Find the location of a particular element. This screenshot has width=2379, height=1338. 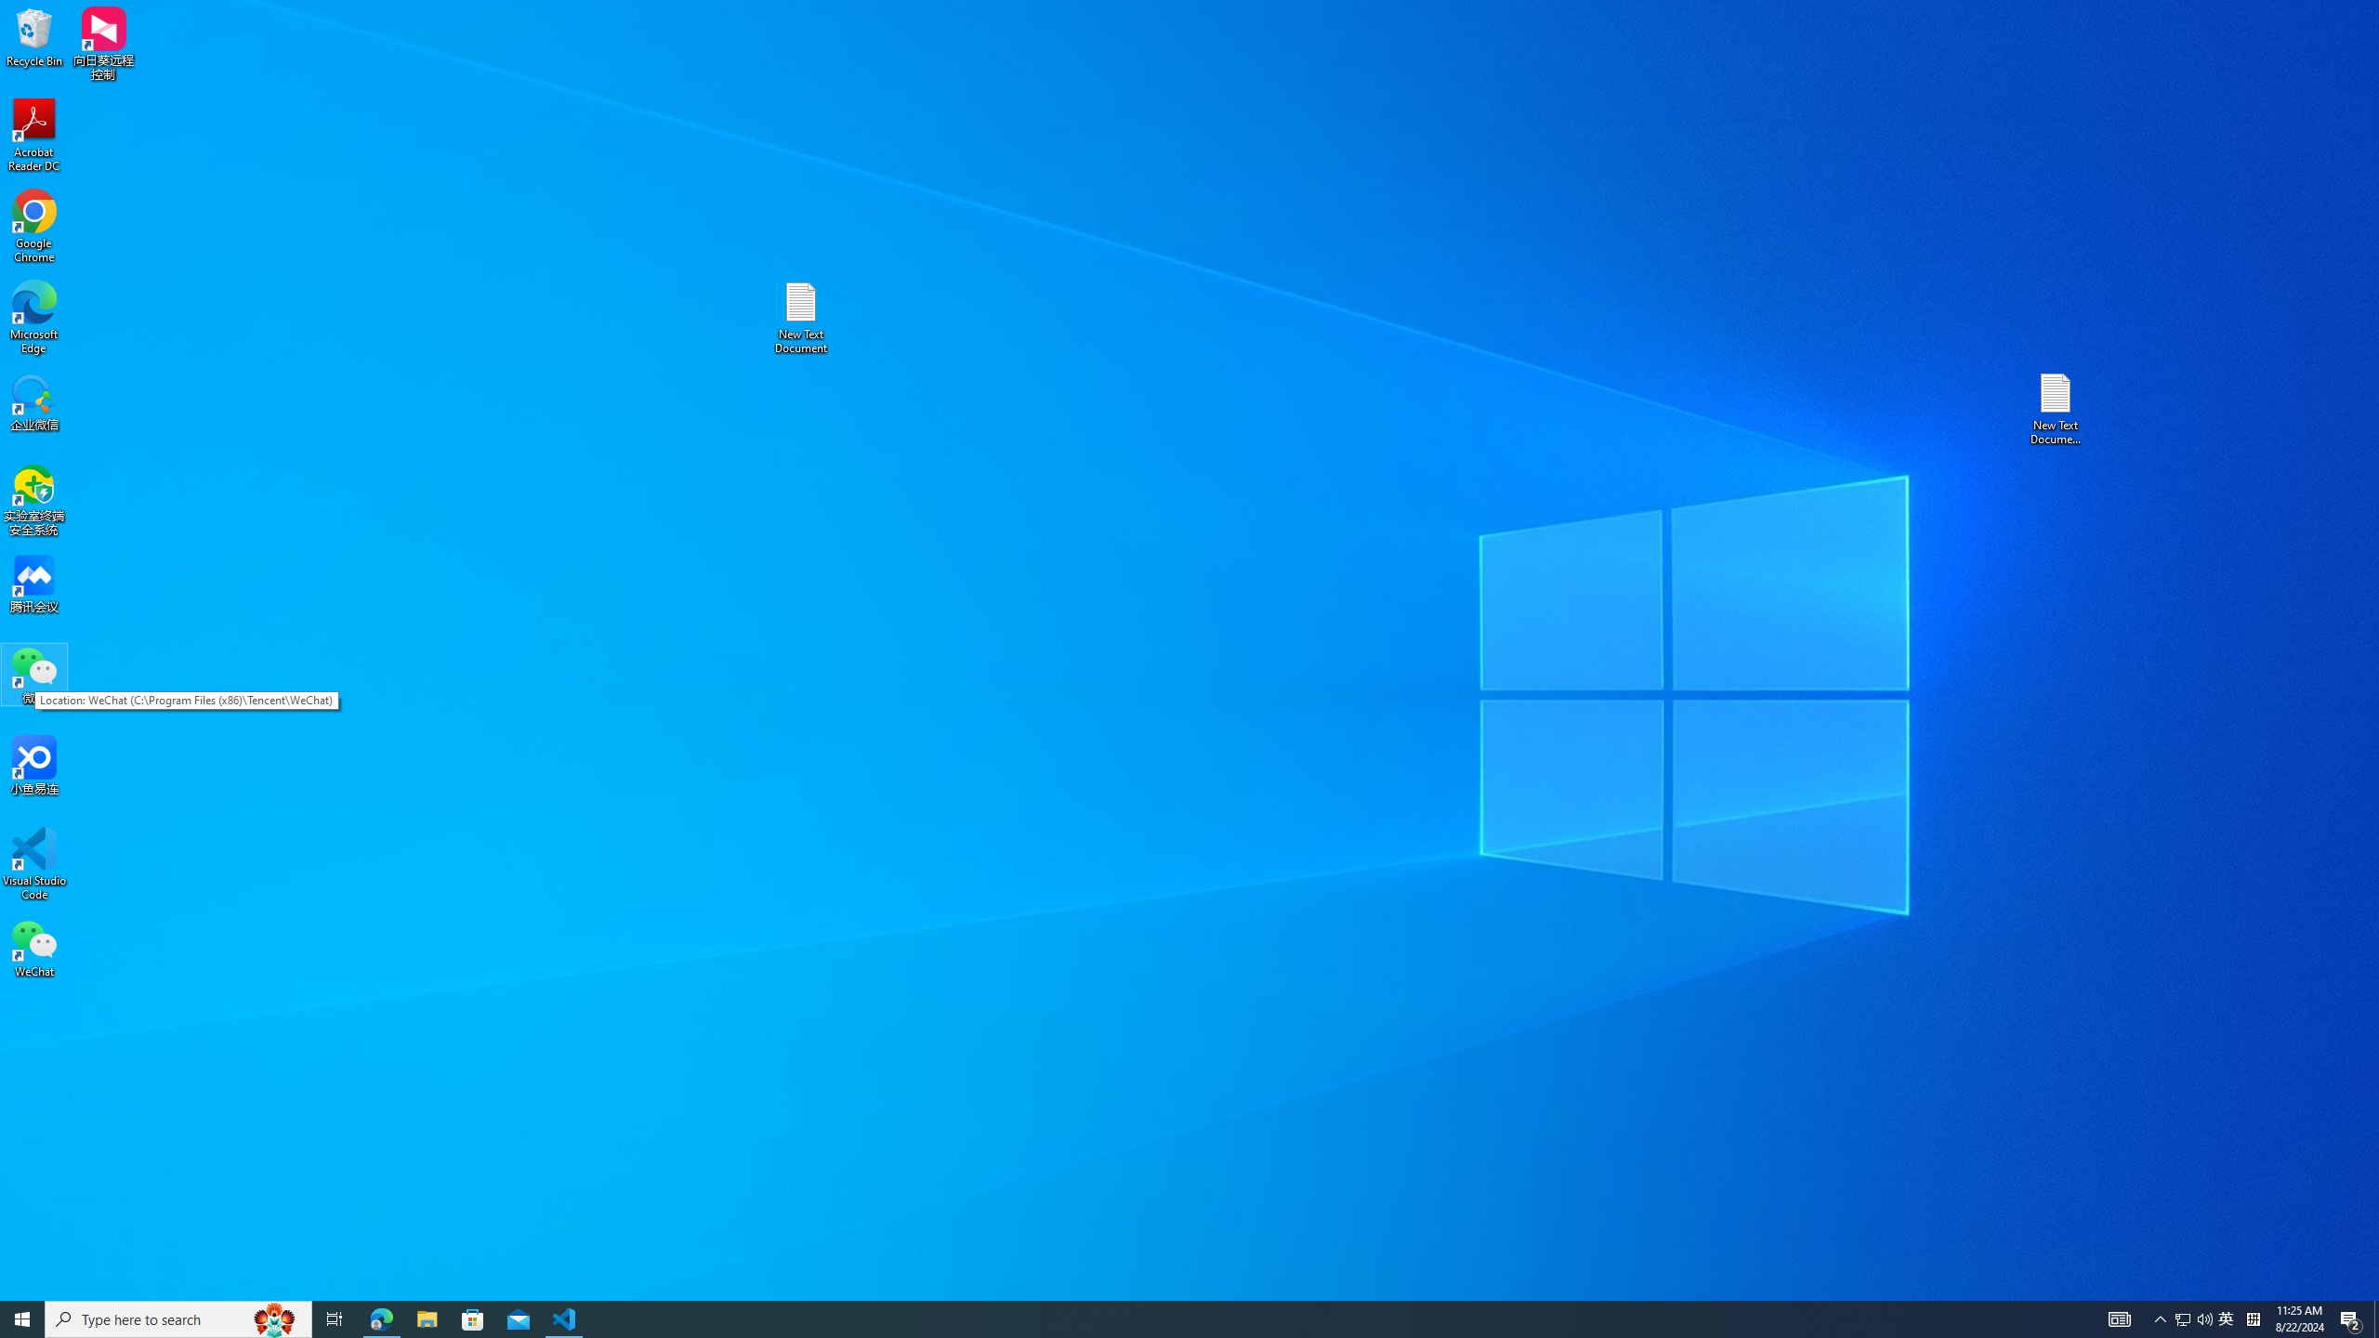

'Google Chrome' is located at coordinates (33, 227).